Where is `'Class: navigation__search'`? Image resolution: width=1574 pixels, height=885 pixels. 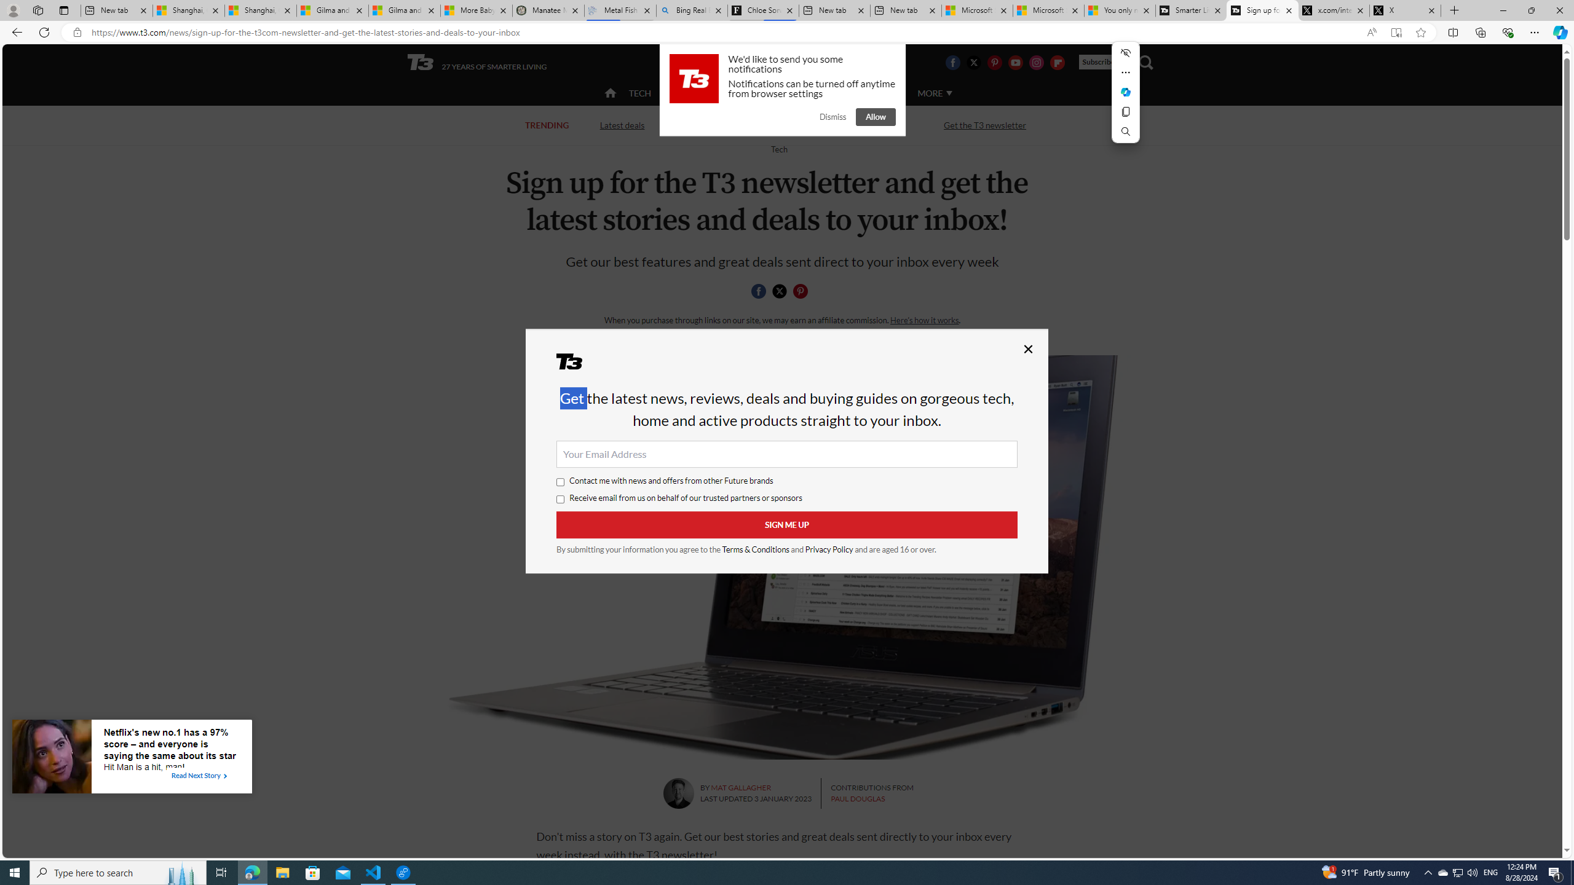
'Class: navigation__search' is located at coordinates (1145, 61).